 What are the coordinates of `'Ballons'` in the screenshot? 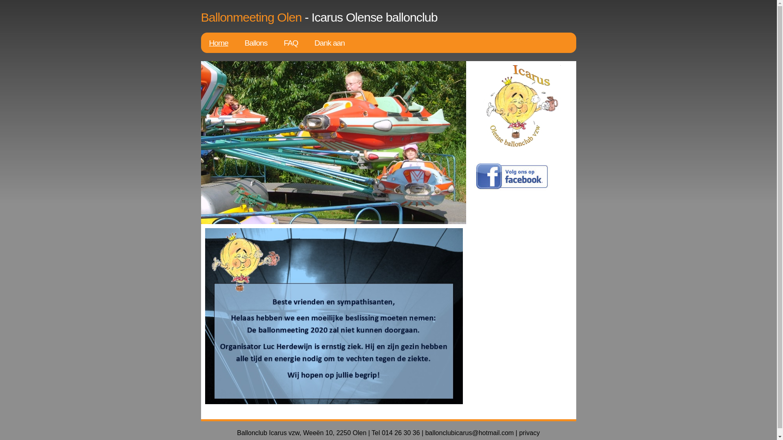 It's located at (256, 42).